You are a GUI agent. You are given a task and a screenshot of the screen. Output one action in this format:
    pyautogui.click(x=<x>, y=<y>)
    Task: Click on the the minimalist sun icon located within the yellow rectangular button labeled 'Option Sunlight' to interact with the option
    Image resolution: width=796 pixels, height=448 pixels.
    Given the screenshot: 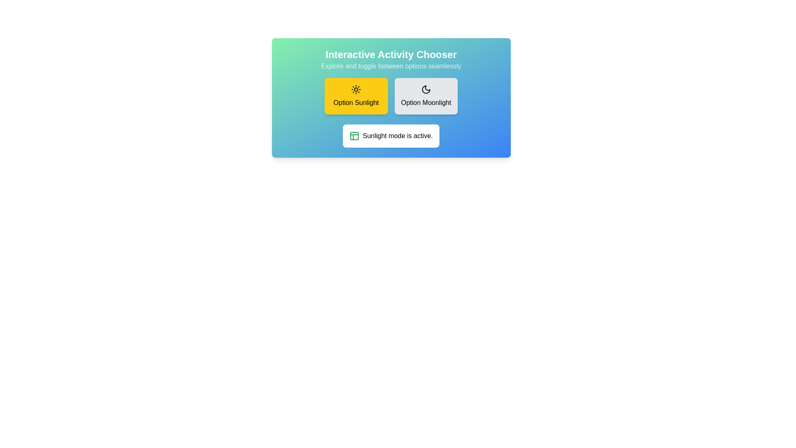 What is the action you would take?
    pyautogui.click(x=356, y=90)
    